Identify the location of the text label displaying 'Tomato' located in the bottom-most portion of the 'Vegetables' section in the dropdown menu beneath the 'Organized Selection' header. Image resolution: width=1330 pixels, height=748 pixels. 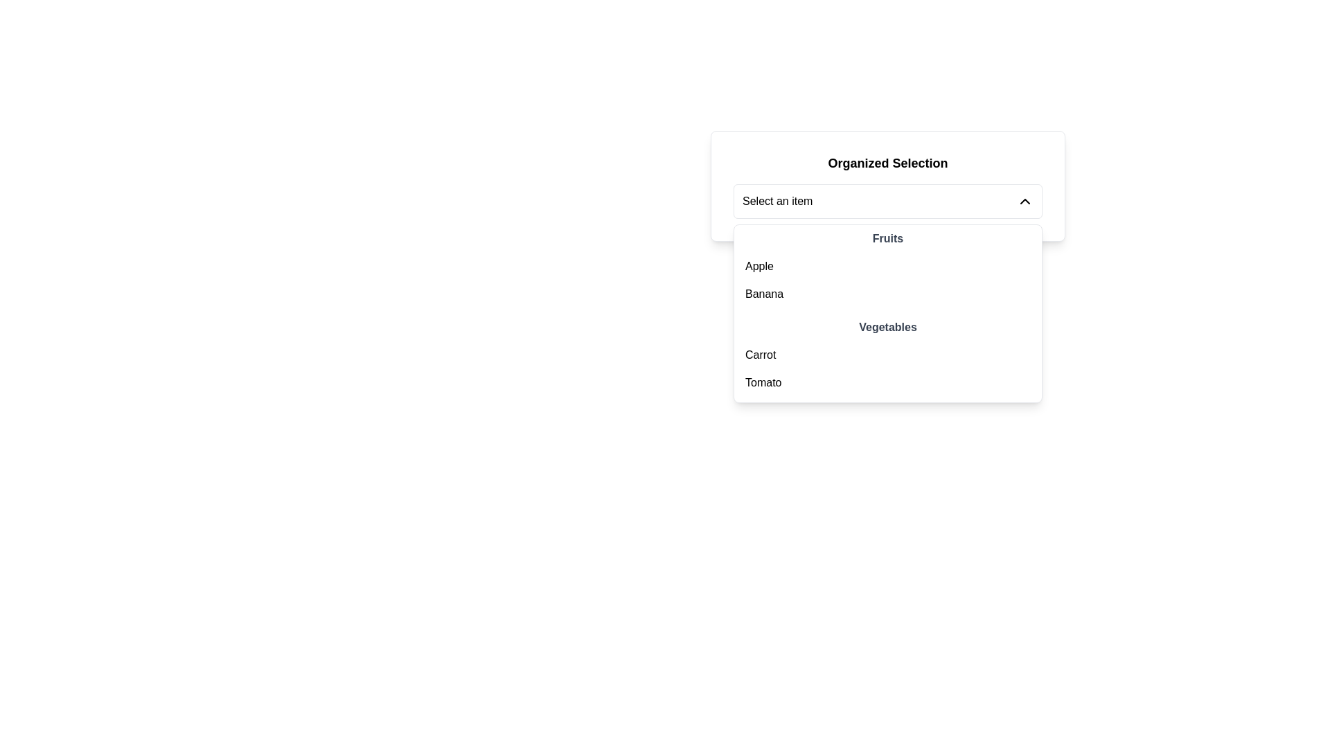
(763, 382).